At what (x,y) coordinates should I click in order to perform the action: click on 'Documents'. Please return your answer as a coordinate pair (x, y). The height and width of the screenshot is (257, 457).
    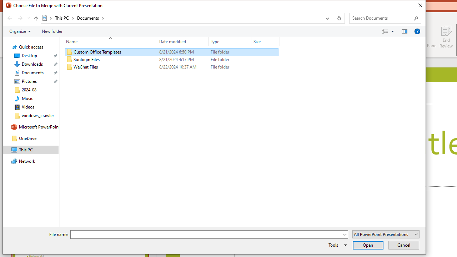
    Looking at the image, I should click on (90, 17).